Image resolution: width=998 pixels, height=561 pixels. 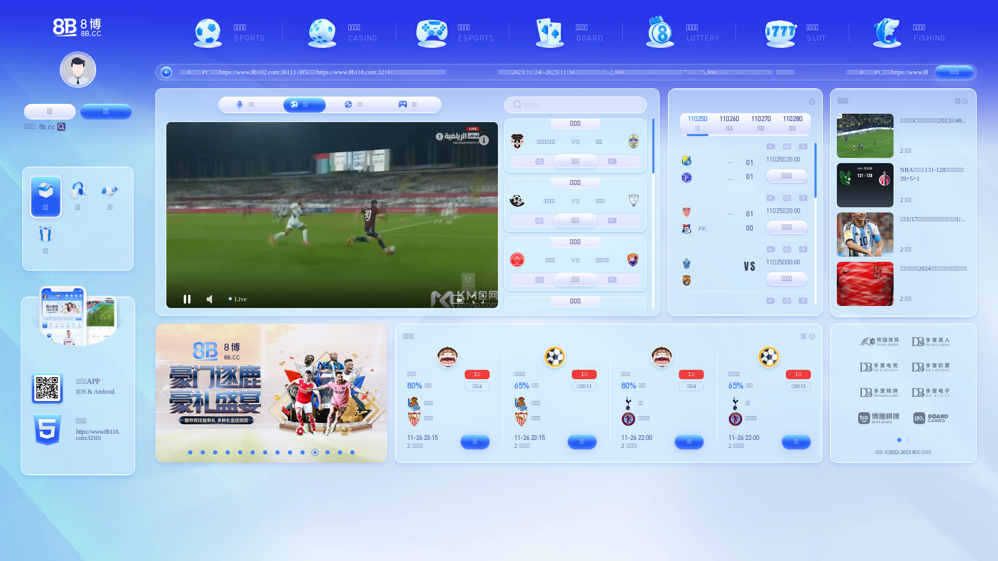 I want to click on 'https://www.8b118.com:32101', so click(x=99, y=434).